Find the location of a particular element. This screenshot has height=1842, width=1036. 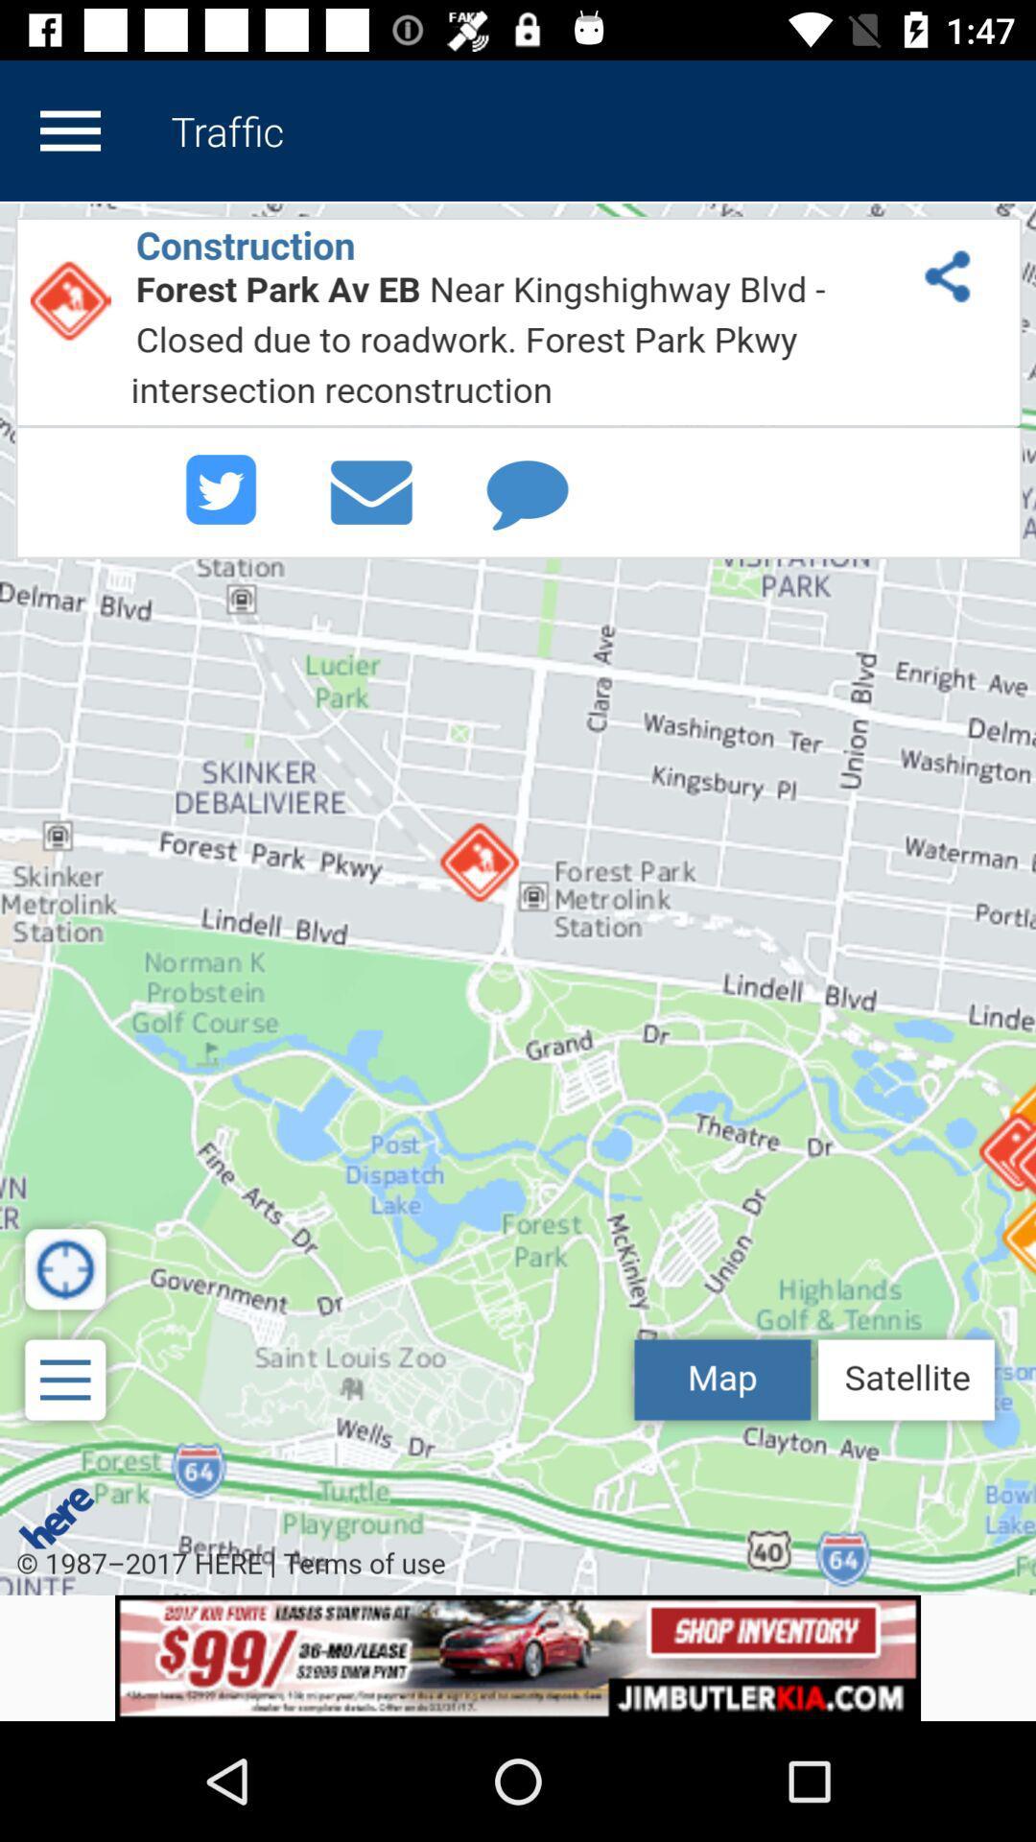

menu to get back to more map options is located at coordinates (69, 130).